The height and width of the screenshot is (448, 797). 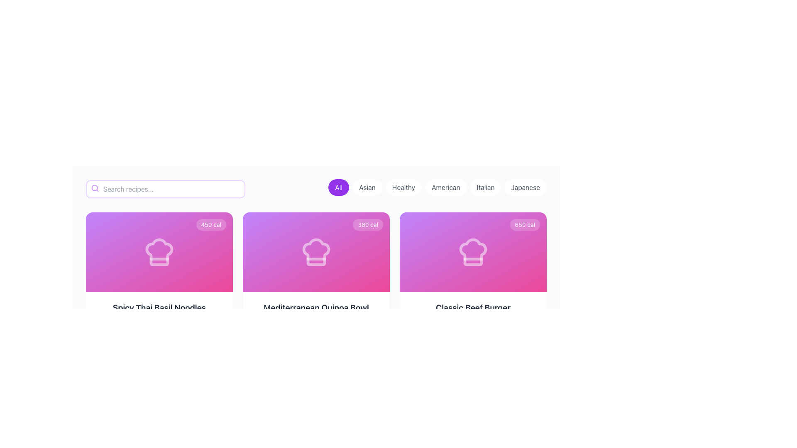 I want to click on the text label that serves as the title of the recipe card, so click(x=159, y=307).